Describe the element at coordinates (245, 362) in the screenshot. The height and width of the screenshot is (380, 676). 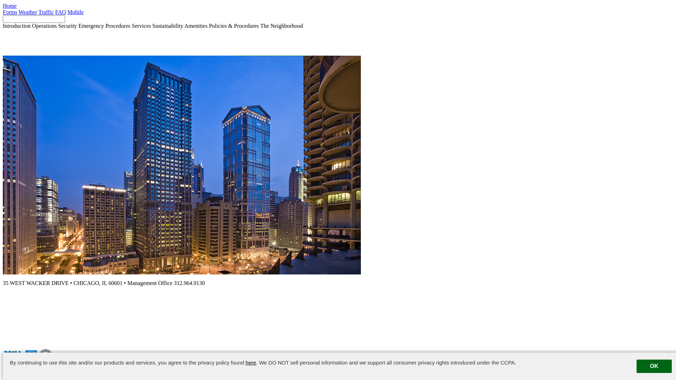
I see `'here'` at that location.